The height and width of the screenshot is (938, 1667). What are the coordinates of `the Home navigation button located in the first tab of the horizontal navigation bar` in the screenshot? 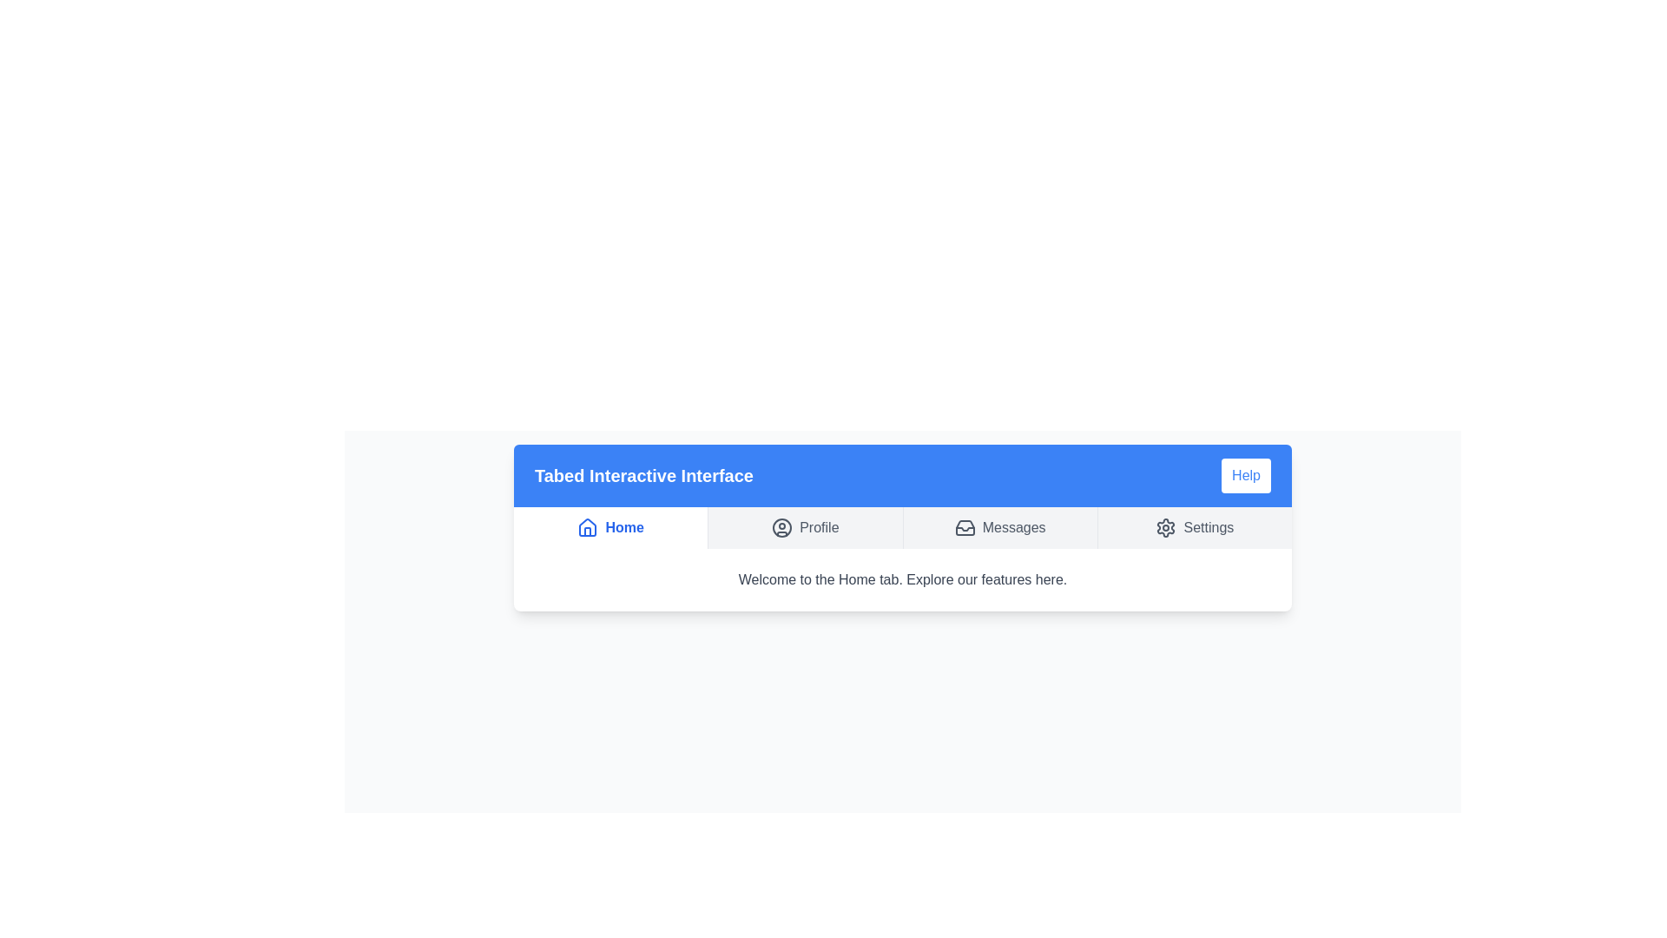 It's located at (610, 527).